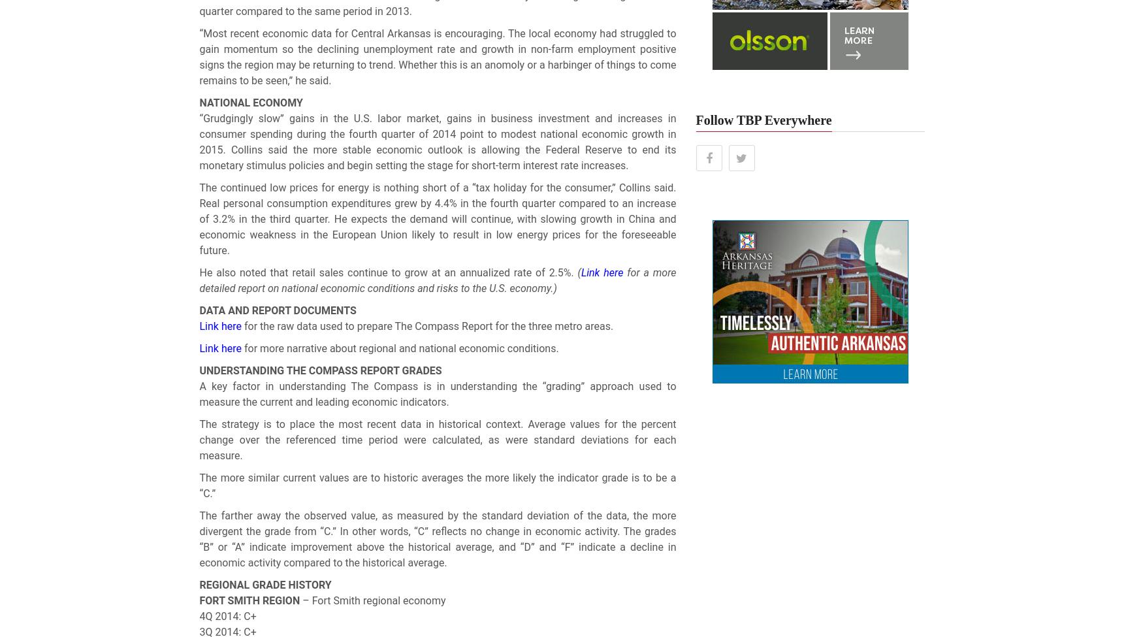 This screenshot has width=1124, height=637. What do you see at coordinates (426, 325) in the screenshot?
I see `'for the raw data used to prepare The Compass Report for the three metro areas.'` at bounding box center [426, 325].